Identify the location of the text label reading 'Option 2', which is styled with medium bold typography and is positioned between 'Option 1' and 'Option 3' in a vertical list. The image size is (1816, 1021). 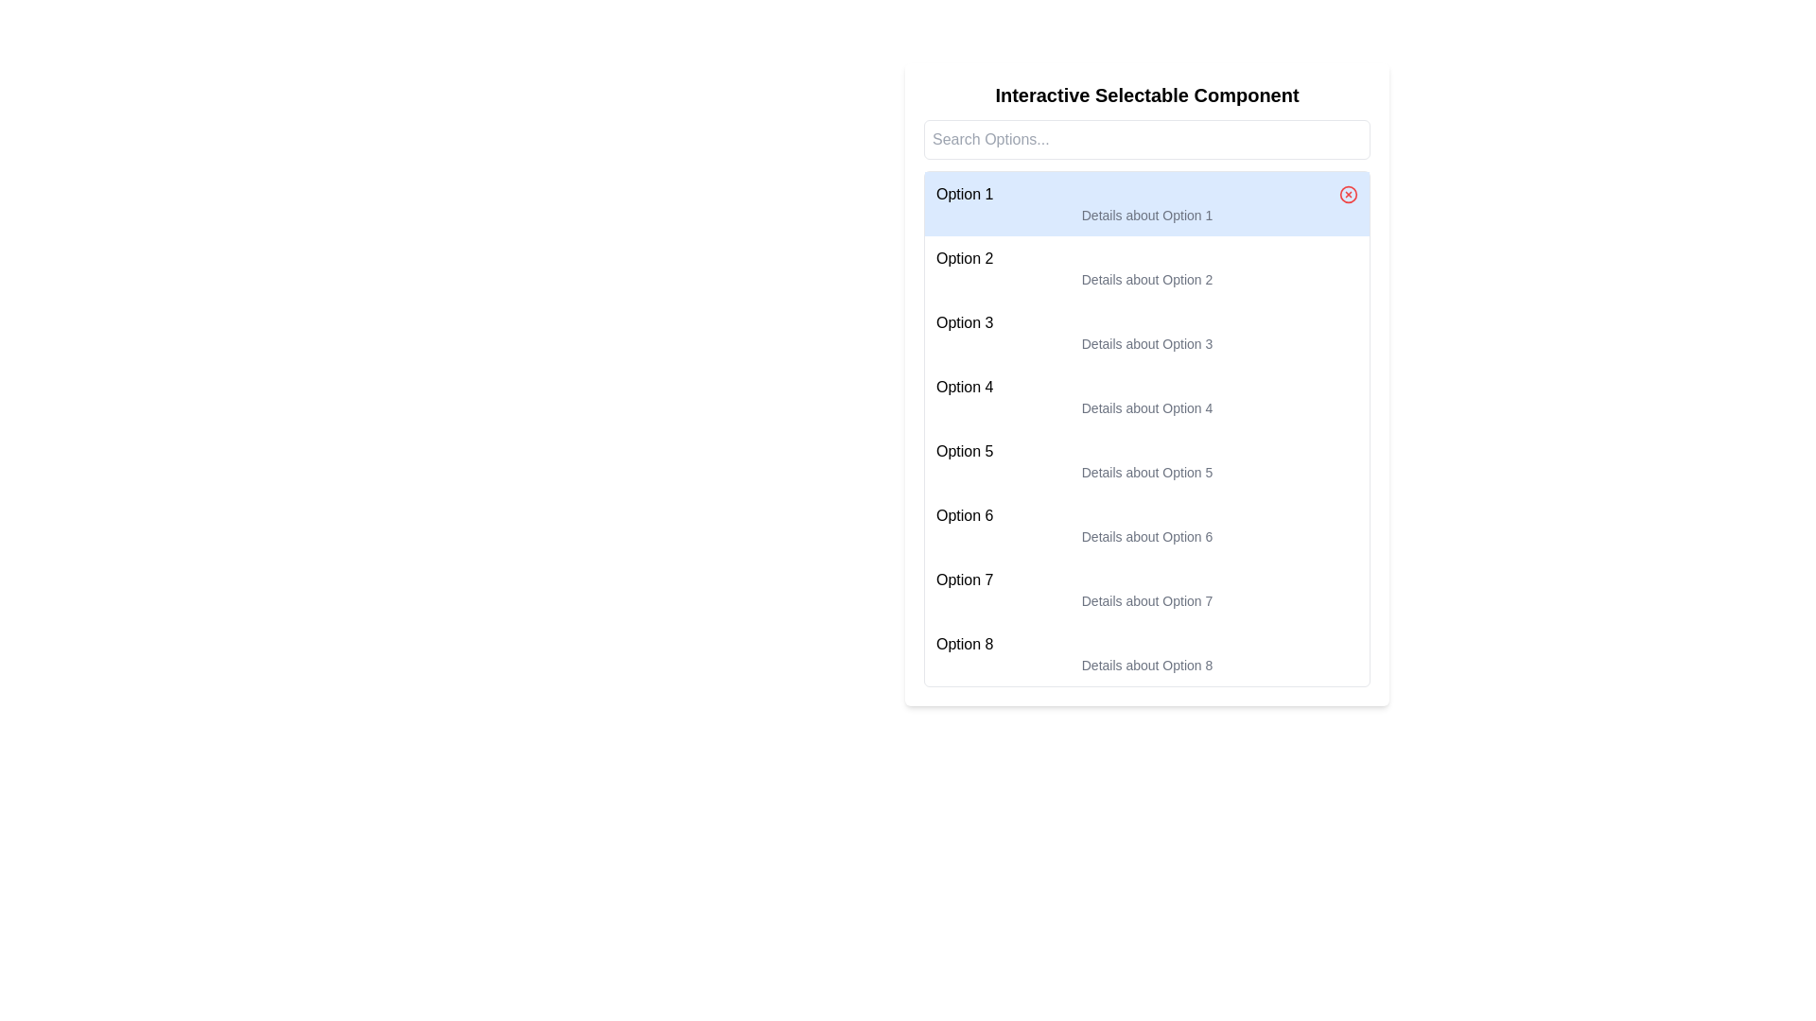
(965, 258).